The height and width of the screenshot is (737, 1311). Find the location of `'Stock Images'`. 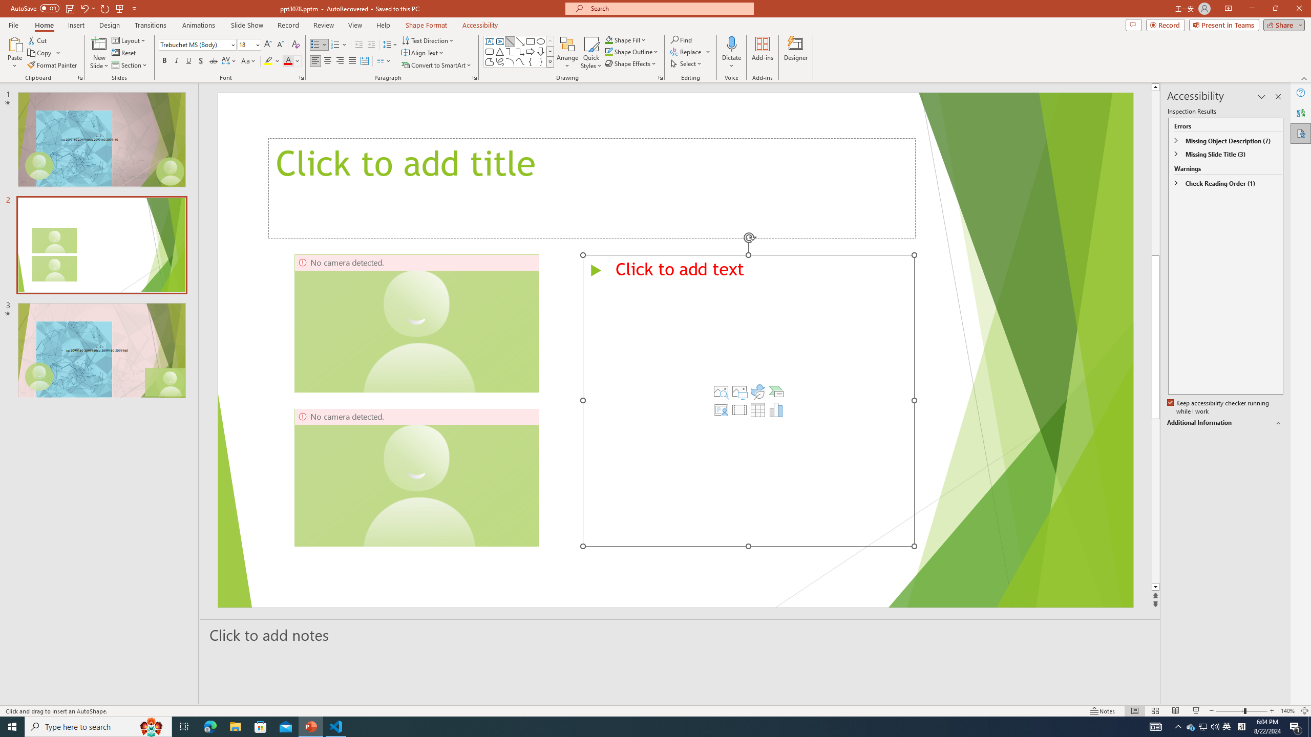

'Stock Images' is located at coordinates (721, 391).